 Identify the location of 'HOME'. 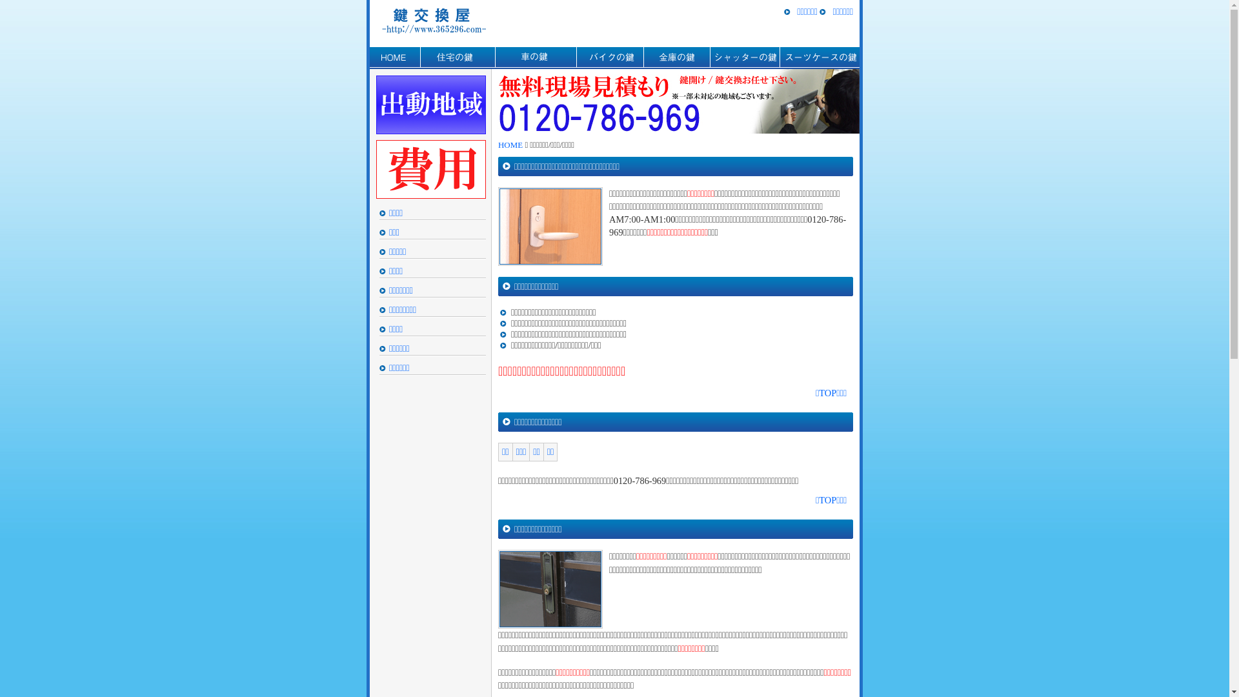
(394, 57).